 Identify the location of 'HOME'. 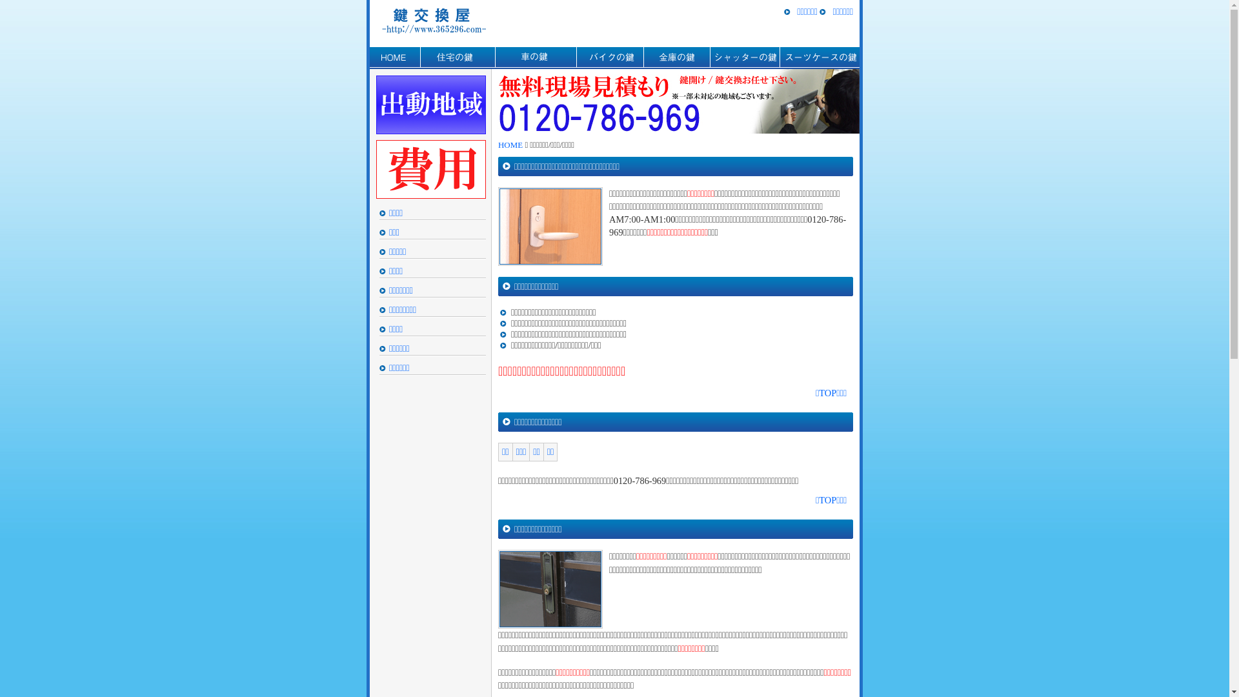
(394, 57).